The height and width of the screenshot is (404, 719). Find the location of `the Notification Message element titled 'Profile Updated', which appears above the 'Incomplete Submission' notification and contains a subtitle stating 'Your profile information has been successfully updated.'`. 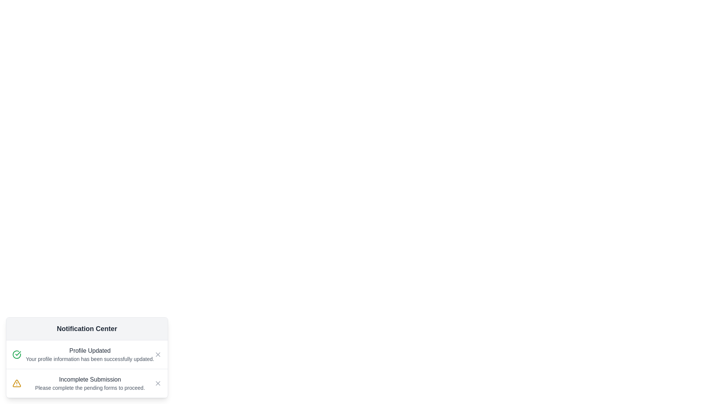

the Notification Message element titled 'Profile Updated', which appears above the 'Incomplete Submission' notification and contains a subtitle stating 'Your profile information has been successfully updated.' is located at coordinates (90, 354).